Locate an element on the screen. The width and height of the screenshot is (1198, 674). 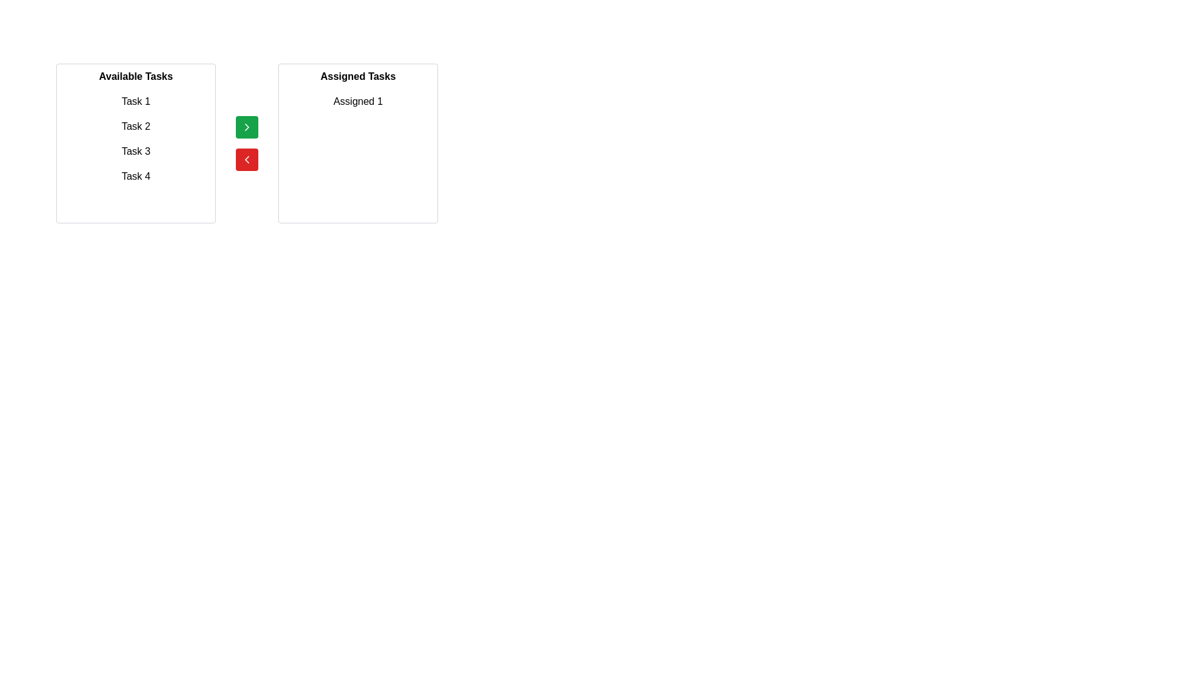
the left-pointing chevron icon button, which is styled with a thin stroke and no fill, located between the 'Available Tasks' and 'Assigned Tasks' columns is located at coordinates (246, 159).